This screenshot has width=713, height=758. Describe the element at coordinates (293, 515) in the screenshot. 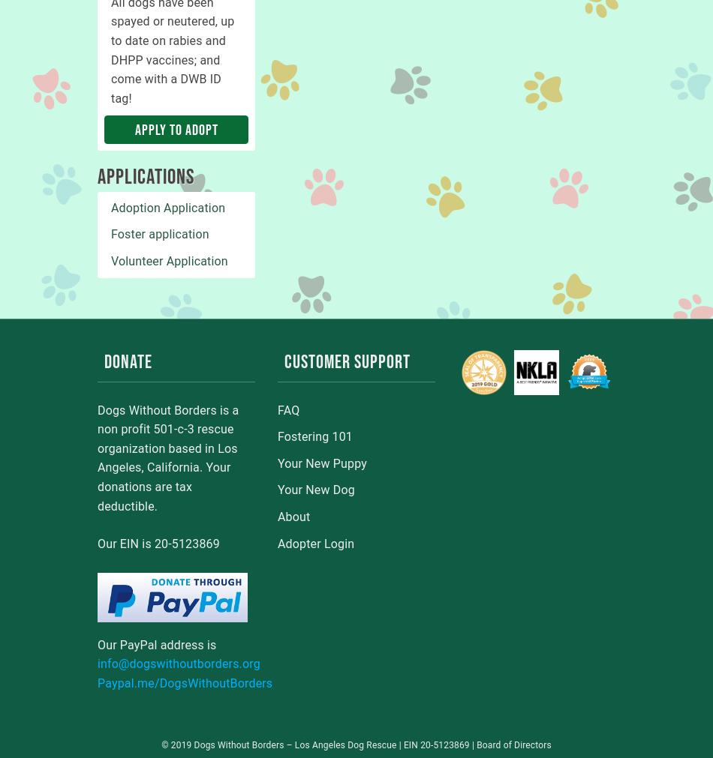

I see `'About'` at that location.